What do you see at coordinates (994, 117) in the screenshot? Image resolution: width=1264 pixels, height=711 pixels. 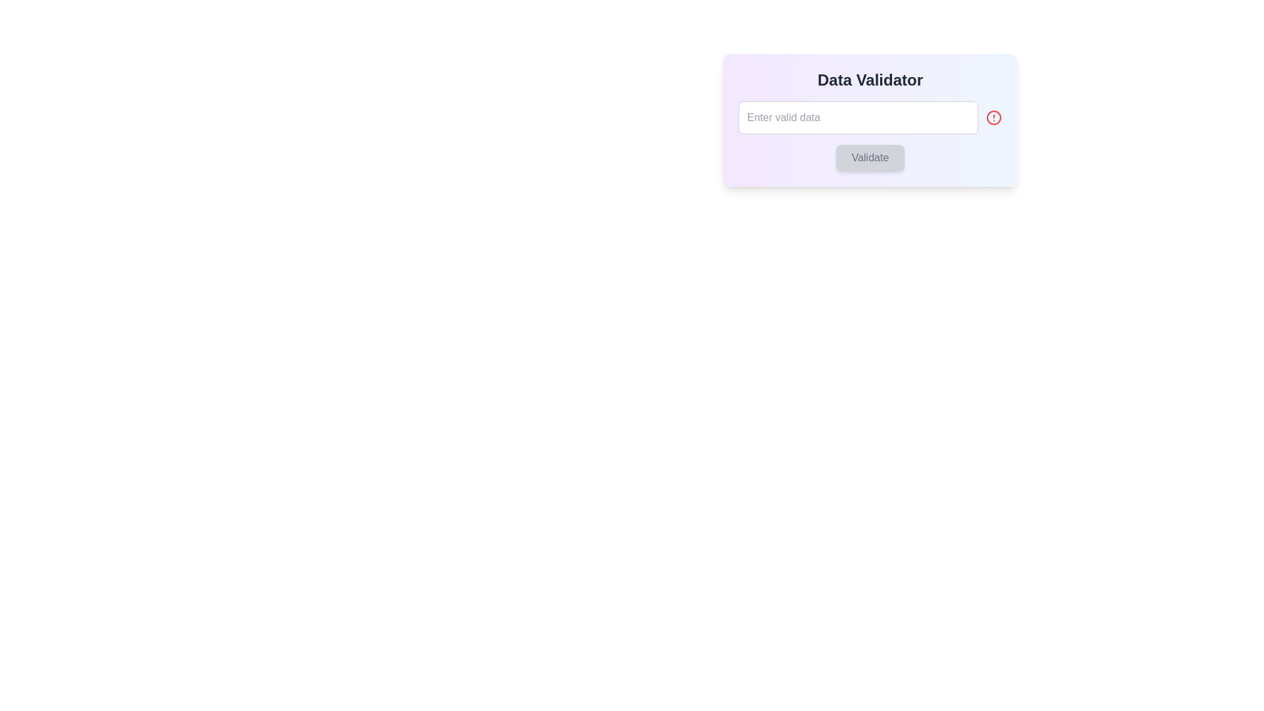 I see `the red circular alert icon located within the 'Data Validator' input field, which indicates an error or alert` at bounding box center [994, 117].